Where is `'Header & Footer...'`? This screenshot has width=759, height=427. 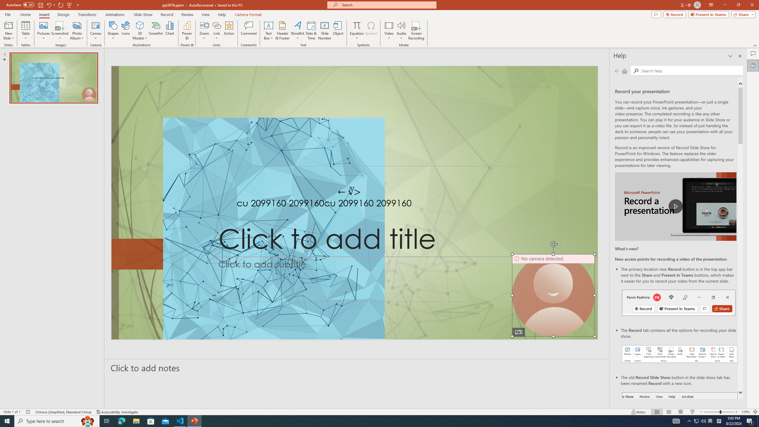 'Header & Footer...' is located at coordinates (282, 31).